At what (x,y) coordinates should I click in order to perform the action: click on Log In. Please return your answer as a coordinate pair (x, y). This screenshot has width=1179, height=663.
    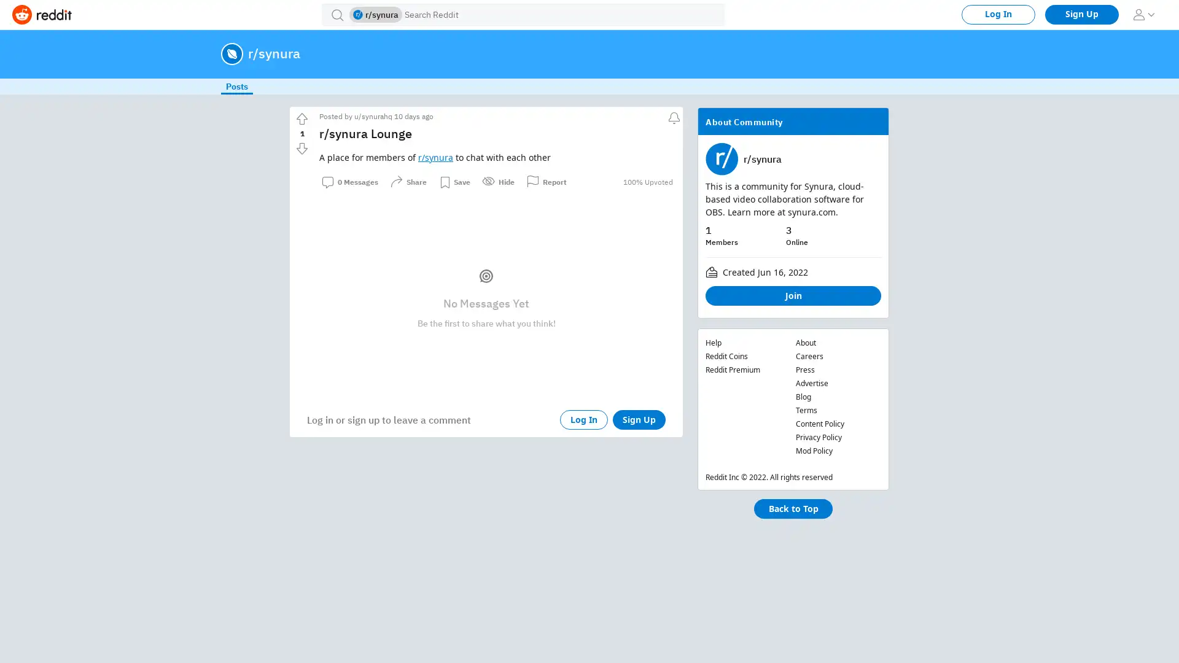
    Looking at the image, I should click on (583, 419).